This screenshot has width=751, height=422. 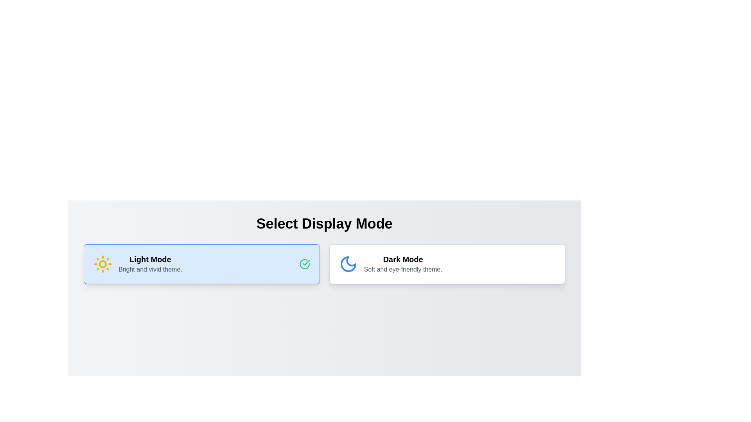 What do you see at coordinates (150, 259) in the screenshot?
I see `the 'Light Mode' text label, which is a bold and larger font title with a light blue background, positioned above the smaller label 'Bright and vivid theme.'` at bounding box center [150, 259].